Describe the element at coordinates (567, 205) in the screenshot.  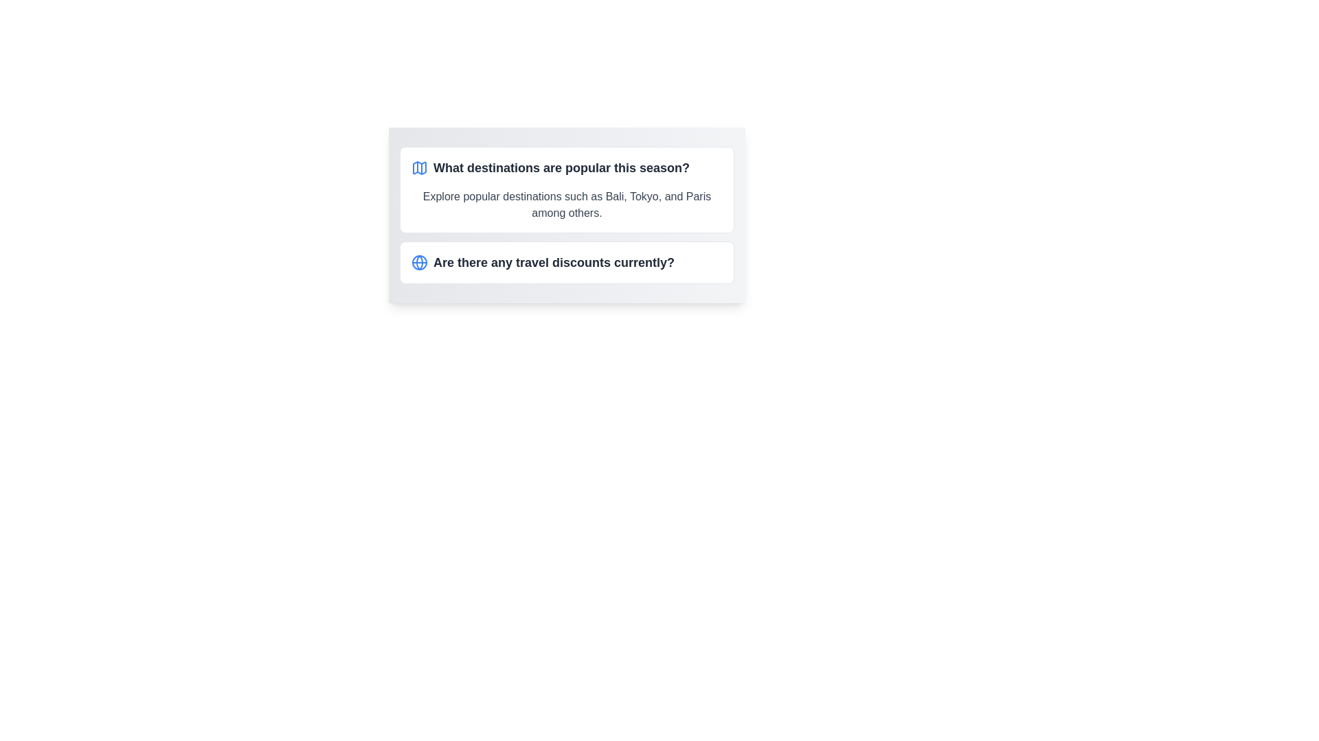
I see `the text element displaying 'Explore popular destinations such as Bali, Tokyo, and Paris among others'` at that location.